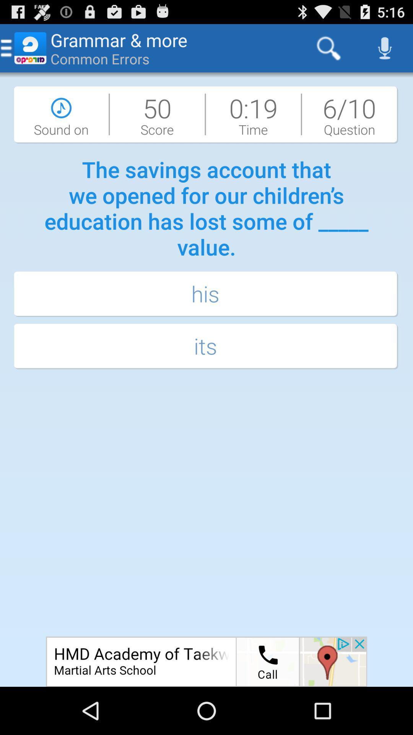 The width and height of the screenshot is (413, 735). What do you see at coordinates (206, 661) in the screenshot?
I see `navigate to advertiser page` at bounding box center [206, 661].